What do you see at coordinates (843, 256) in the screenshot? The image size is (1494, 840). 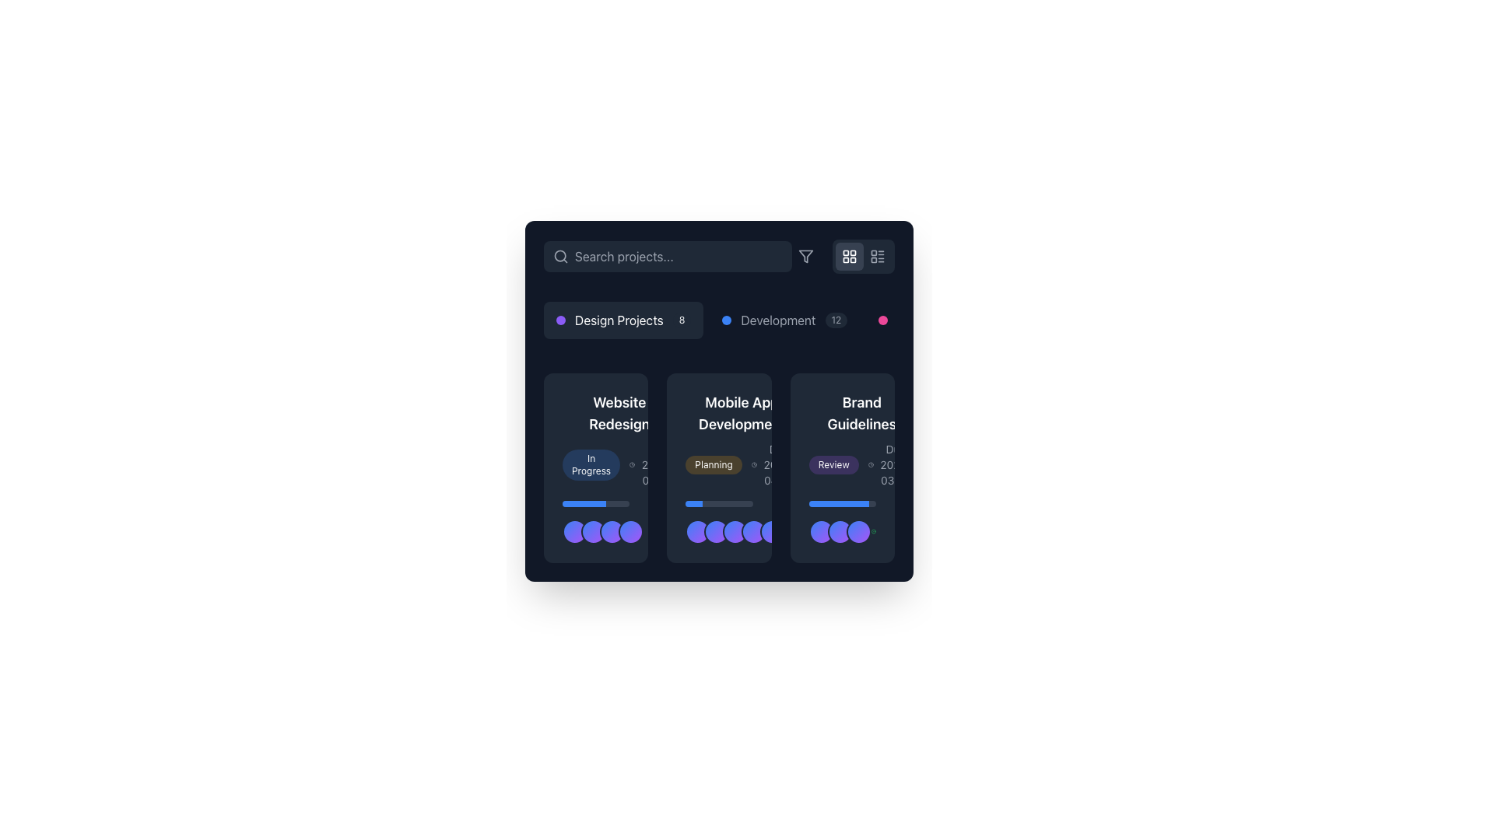 I see `the middle icon in the top right array to switch to grid layout view` at bounding box center [843, 256].